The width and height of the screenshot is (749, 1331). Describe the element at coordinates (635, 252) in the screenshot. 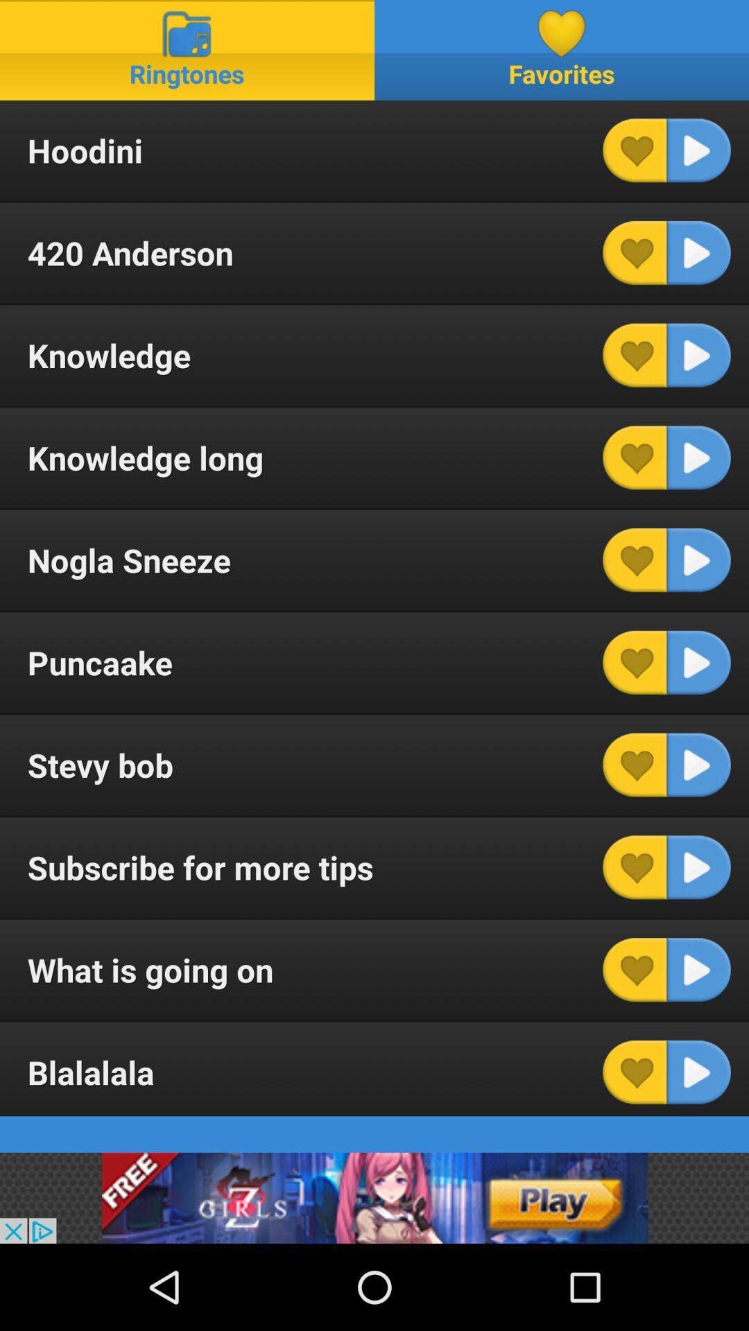

I see `love this` at that location.